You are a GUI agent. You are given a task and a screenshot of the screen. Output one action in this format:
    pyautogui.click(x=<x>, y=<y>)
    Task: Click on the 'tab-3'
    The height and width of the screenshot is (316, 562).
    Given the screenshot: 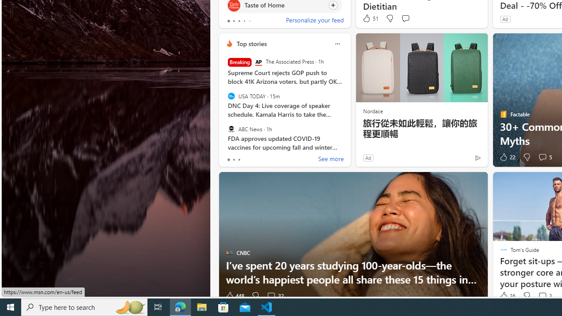 What is the action you would take?
    pyautogui.click(x=244, y=20)
    